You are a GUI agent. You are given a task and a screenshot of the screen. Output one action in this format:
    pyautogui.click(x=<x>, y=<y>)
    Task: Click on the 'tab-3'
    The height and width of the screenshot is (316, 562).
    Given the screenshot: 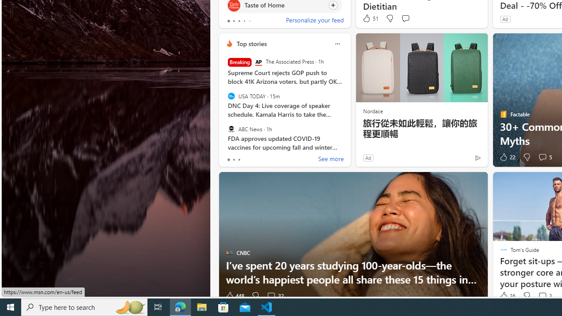 What is the action you would take?
    pyautogui.click(x=244, y=20)
    